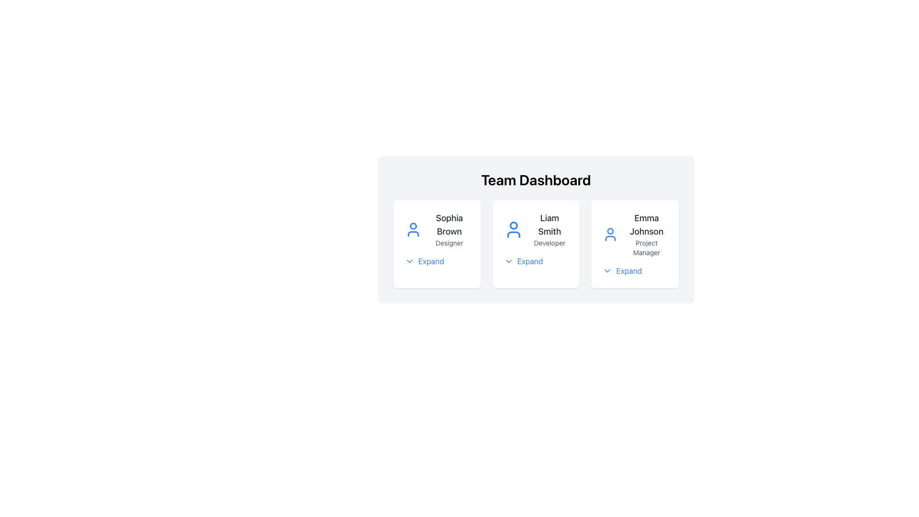 This screenshot has height=517, width=919. Describe the element at coordinates (622, 271) in the screenshot. I see `the fourth 'Expand' button located at the bottom-right corner of the 'Emma Johnson' card in the Team Dashboard to trigger a tooltip` at that location.